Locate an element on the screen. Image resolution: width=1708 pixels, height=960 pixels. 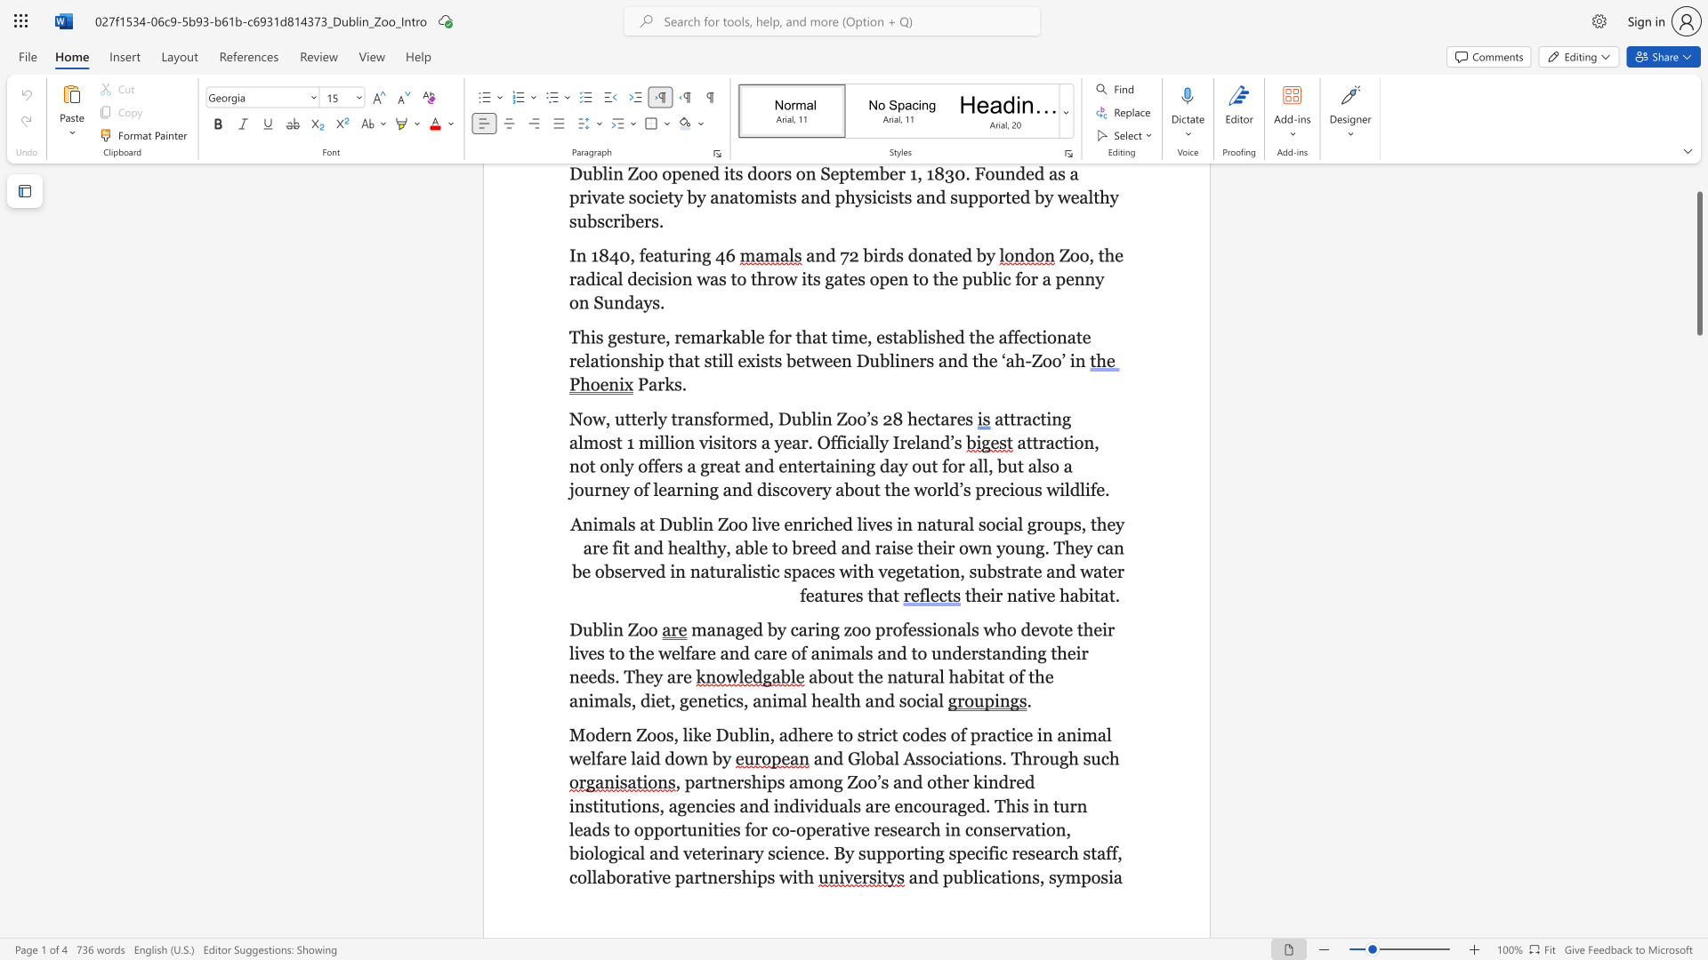
the subset text "Dublin Zoo" within the text "Dublin Zoo" is located at coordinates (568, 628).